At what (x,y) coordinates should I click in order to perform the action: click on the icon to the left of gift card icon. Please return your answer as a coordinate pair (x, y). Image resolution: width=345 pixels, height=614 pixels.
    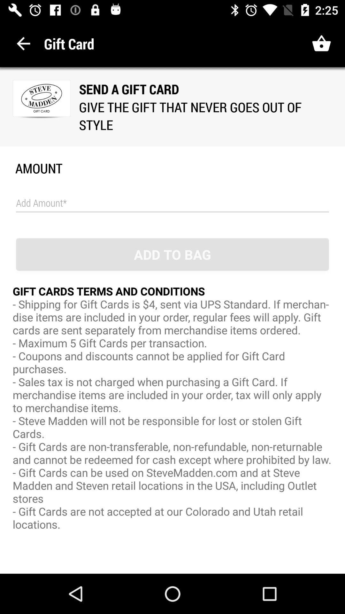
    Looking at the image, I should click on (23, 43).